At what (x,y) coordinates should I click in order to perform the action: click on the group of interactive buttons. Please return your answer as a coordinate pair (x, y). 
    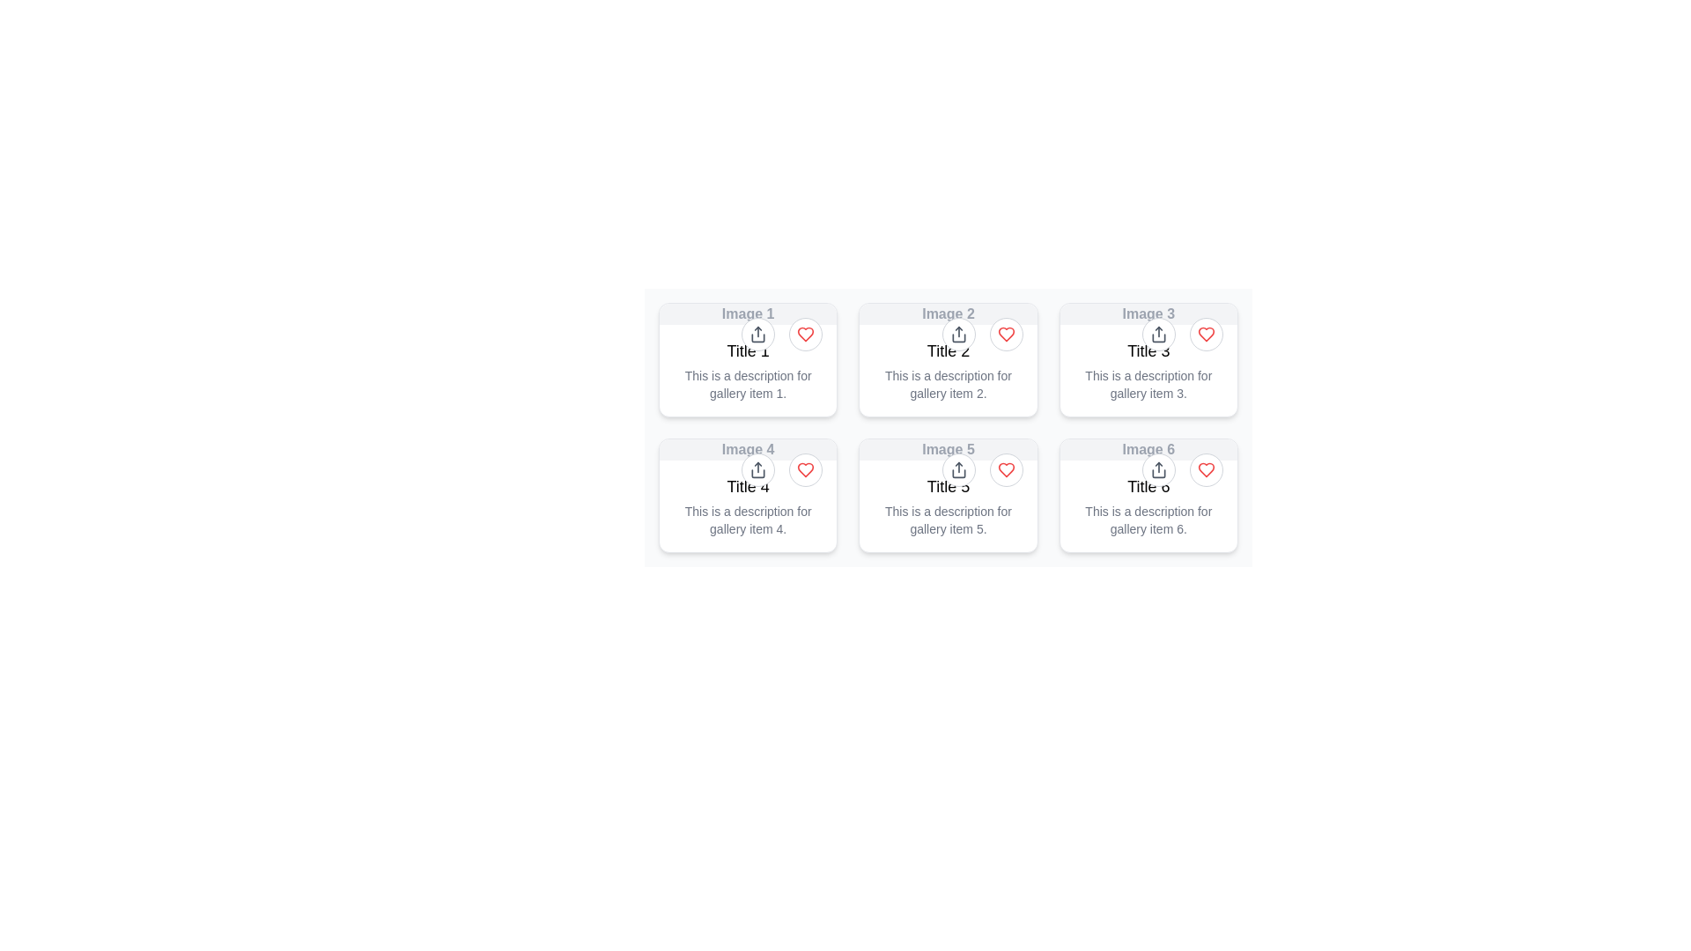
    Looking at the image, I should click on (781, 335).